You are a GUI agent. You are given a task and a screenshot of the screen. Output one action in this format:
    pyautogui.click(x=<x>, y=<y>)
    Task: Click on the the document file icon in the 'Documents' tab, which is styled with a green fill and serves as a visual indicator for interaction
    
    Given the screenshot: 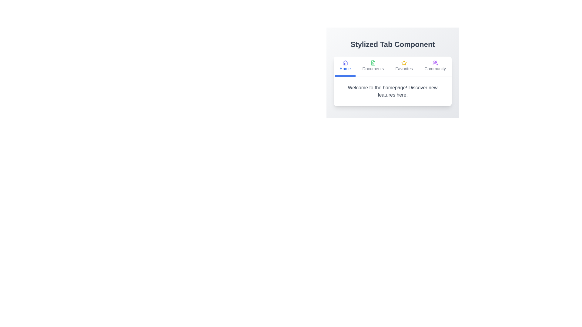 What is the action you would take?
    pyautogui.click(x=373, y=63)
    